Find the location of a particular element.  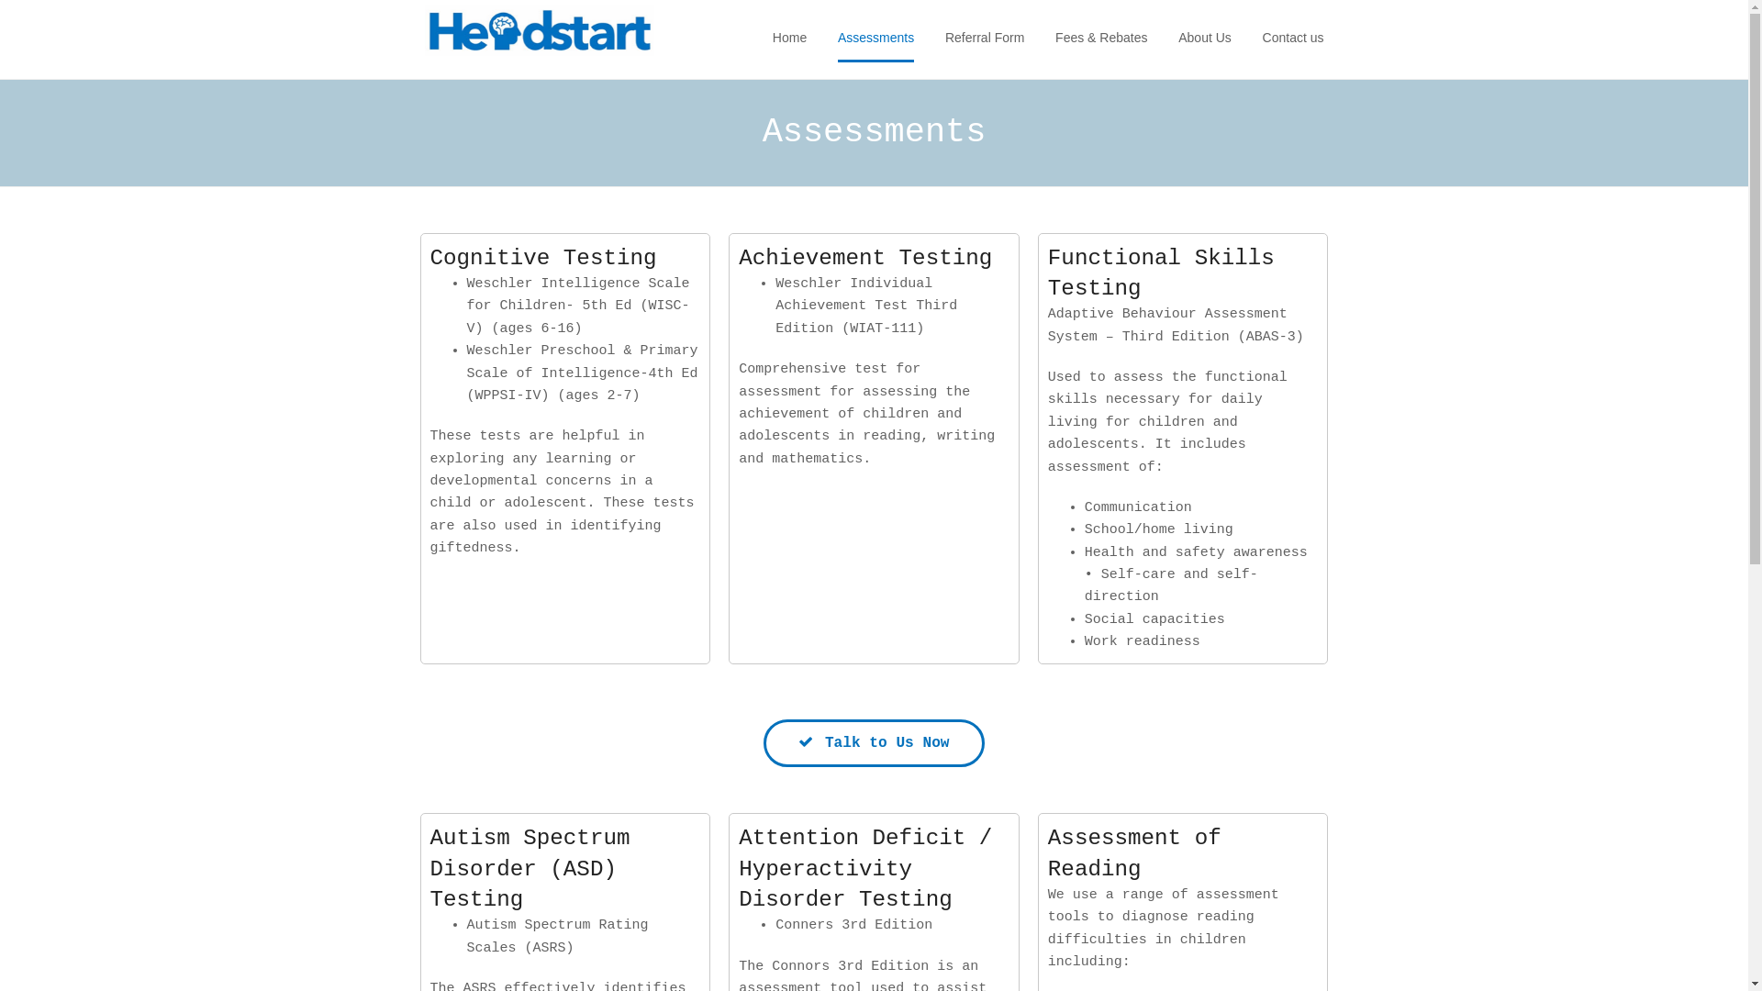

'About Us' is located at coordinates (1205, 39).